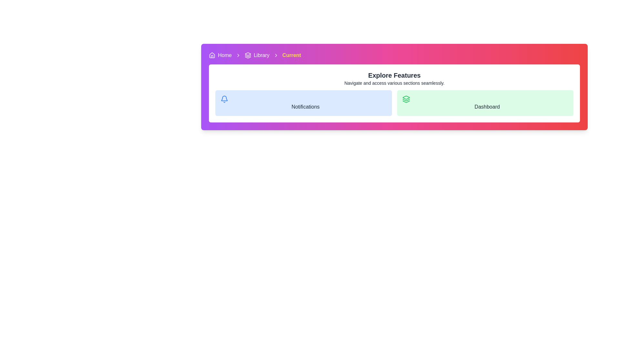 The height and width of the screenshot is (348, 620). I want to click on Breadcrumb Link that navigates to the 'Library' section, positioned between 'Home' and 'Current' in the header bar, so click(257, 55).